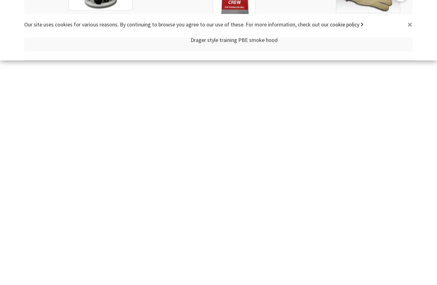 This screenshot has height=285, width=437. Describe the element at coordinates (184, 25) in the screenshot. I see `'Registered in England. Company number'` at that location.